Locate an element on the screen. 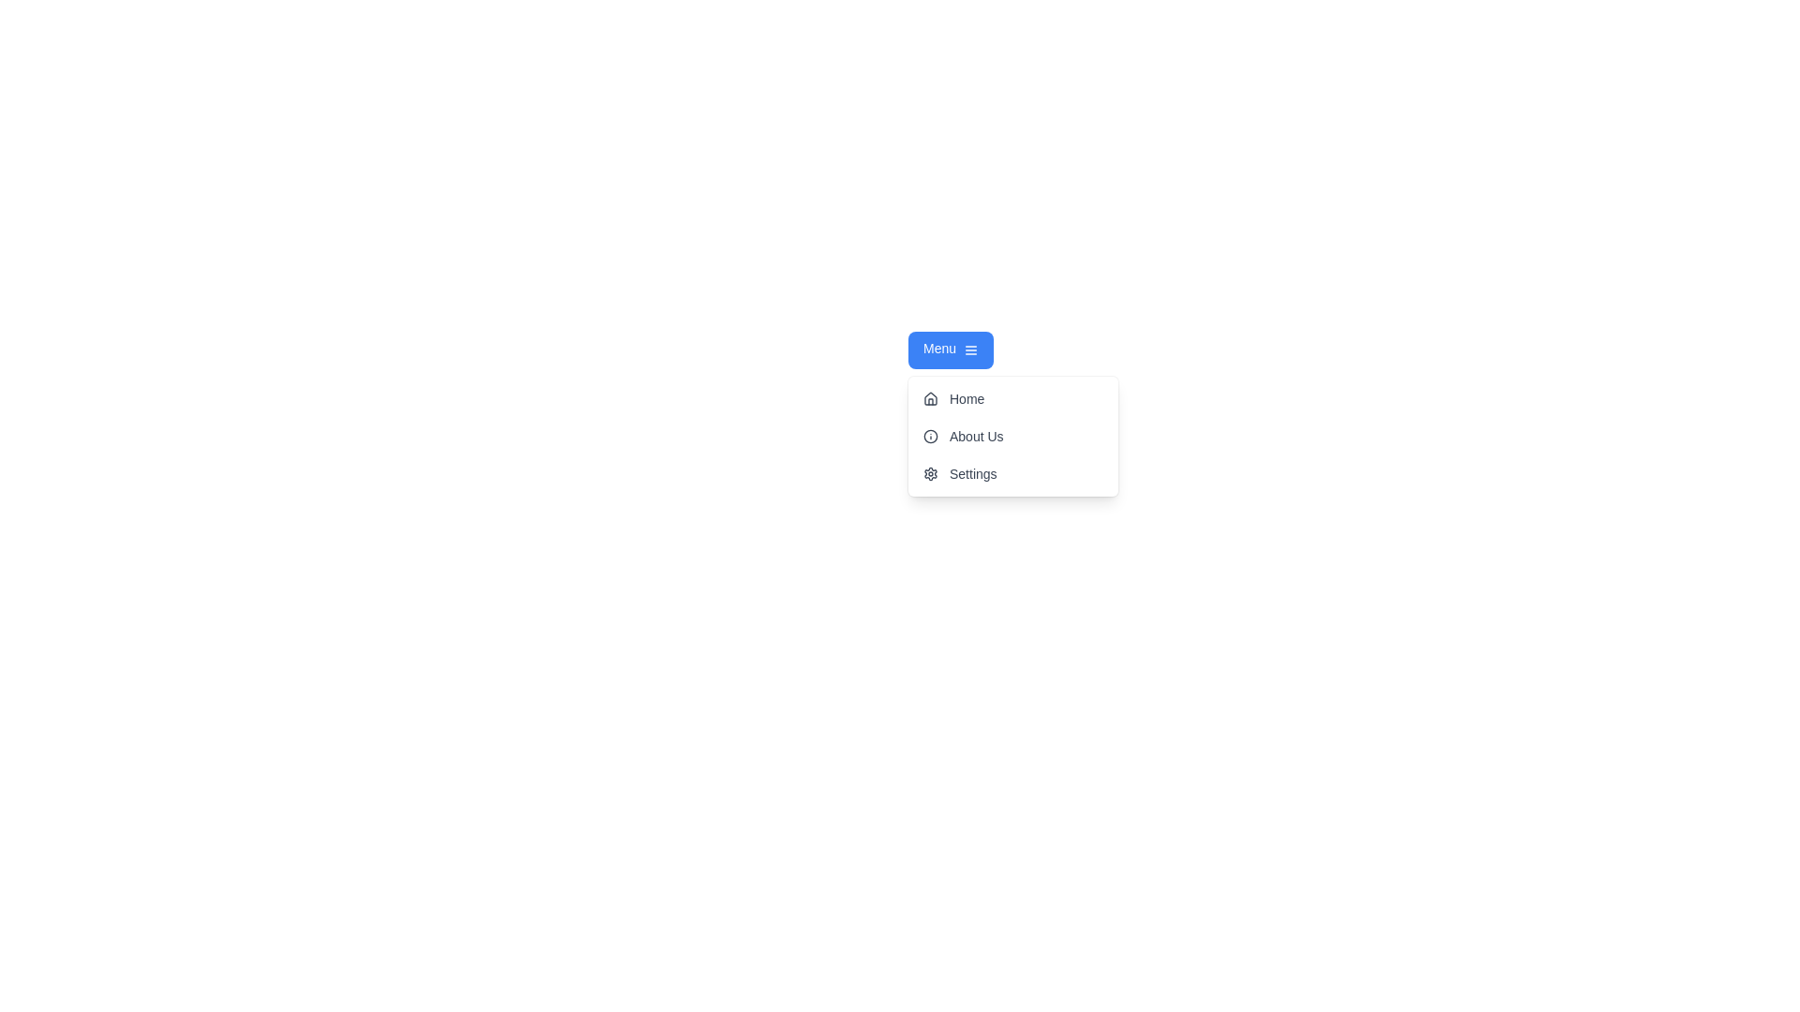 The image size is (1800, 1012). the second option 'About Us' in the vertical dropdown menu with a white background, rounded corners, and a subtle shadow is located at coordinates (1012, 437).